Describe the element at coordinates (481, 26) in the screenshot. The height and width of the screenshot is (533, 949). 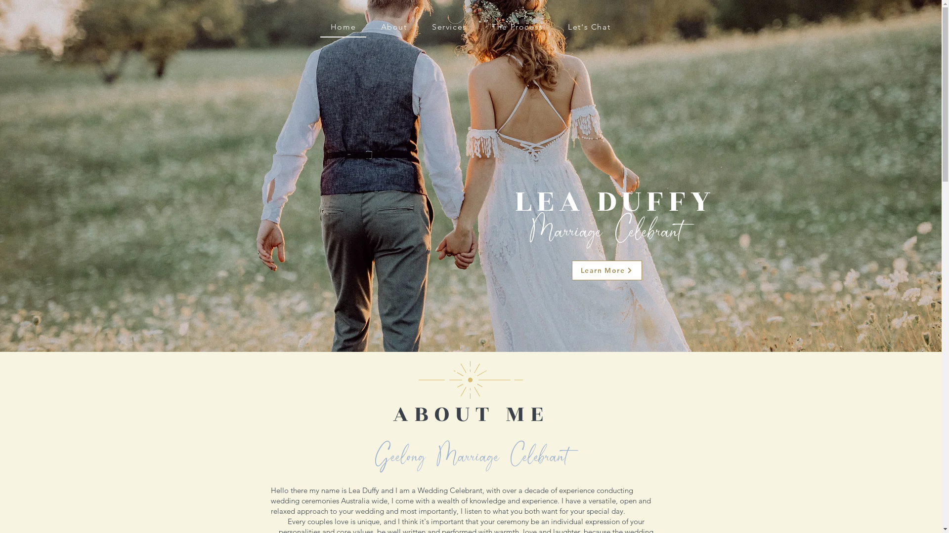
I see `'The Process'` at that location.